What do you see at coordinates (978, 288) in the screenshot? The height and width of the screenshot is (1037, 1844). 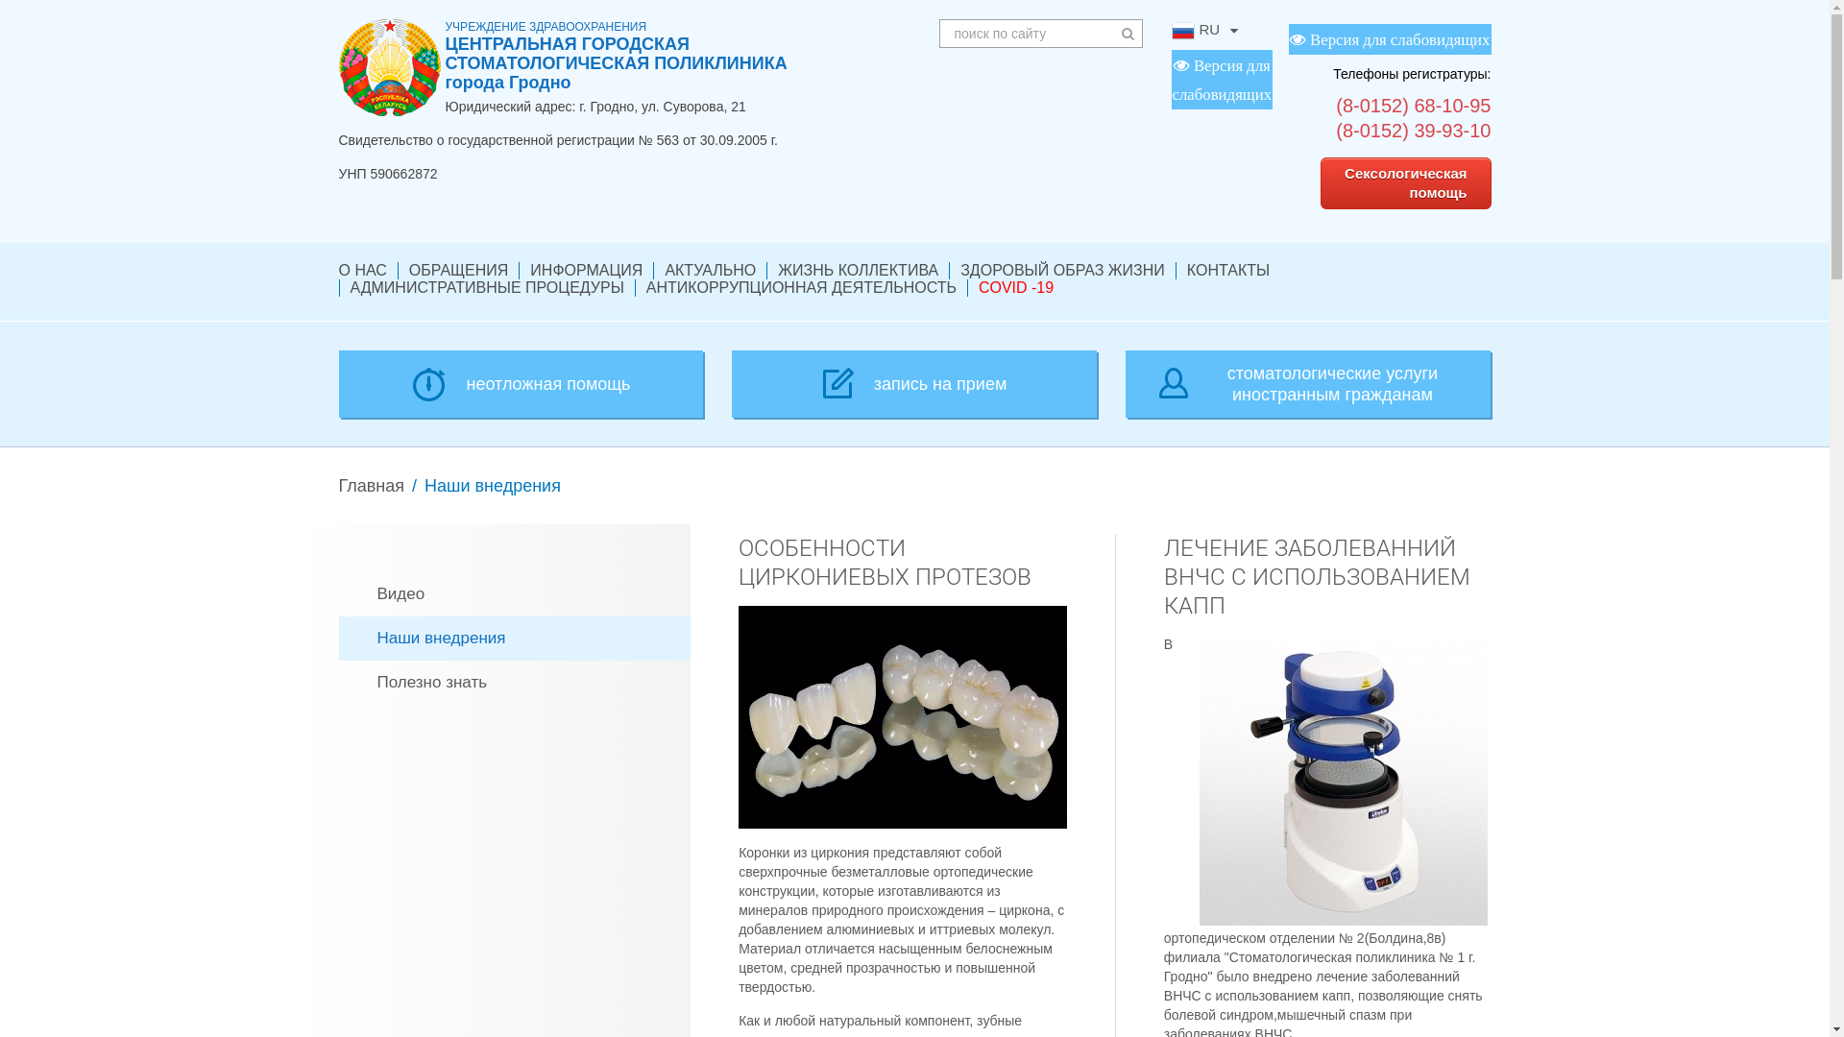 I see `'COVID -19'` at bounding box center [978, 288].